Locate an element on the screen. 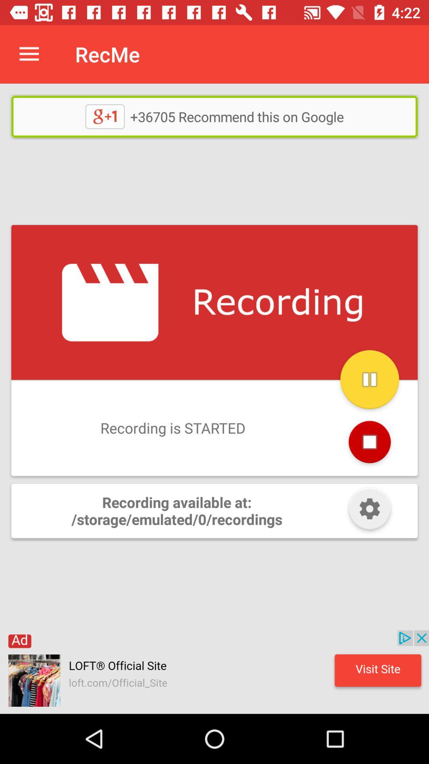  button image is located at coordinates (369, 511).